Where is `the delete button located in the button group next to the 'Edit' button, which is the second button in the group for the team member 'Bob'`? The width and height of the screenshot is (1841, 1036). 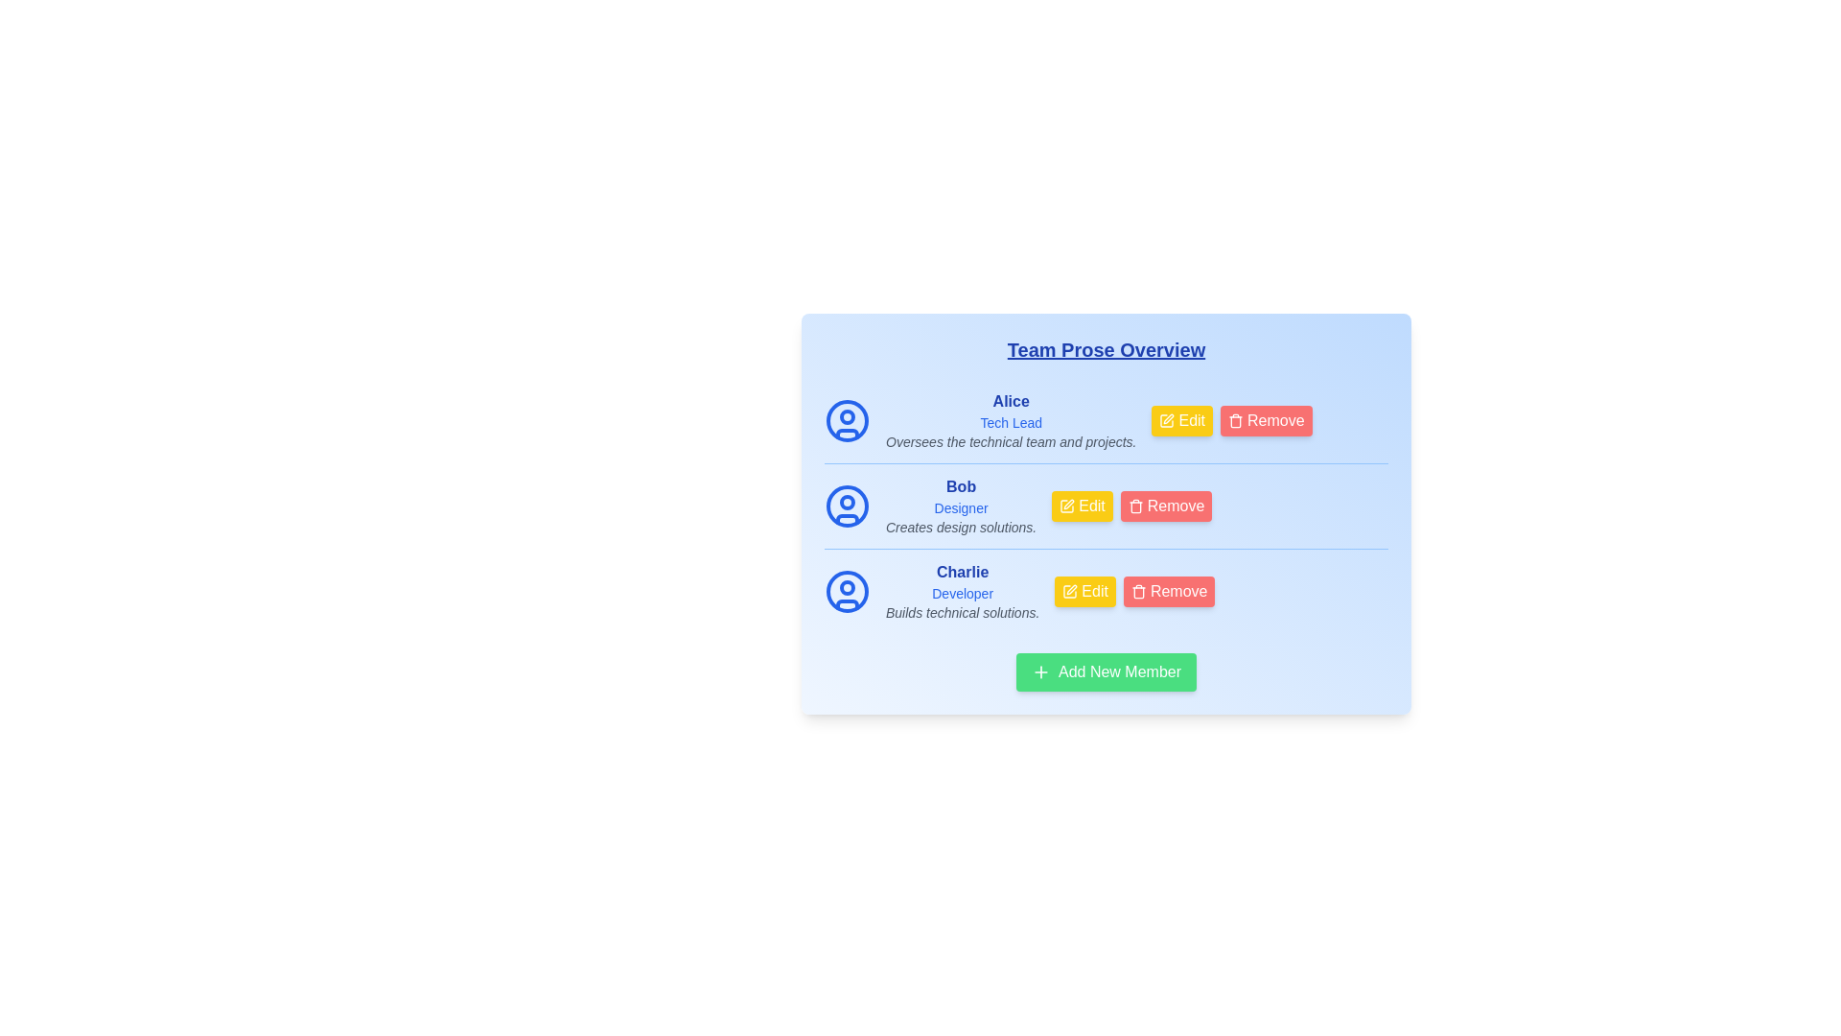 the delete button located in the button group next to the 'Edit' button, which is the second button in the group for the team member 'Bob' is located at coordinates (1165, 506).